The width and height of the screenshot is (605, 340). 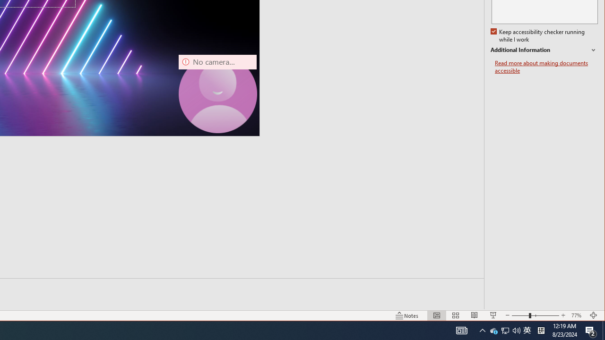 I want to click on 'Additional Information', so click(x=544, y=50).